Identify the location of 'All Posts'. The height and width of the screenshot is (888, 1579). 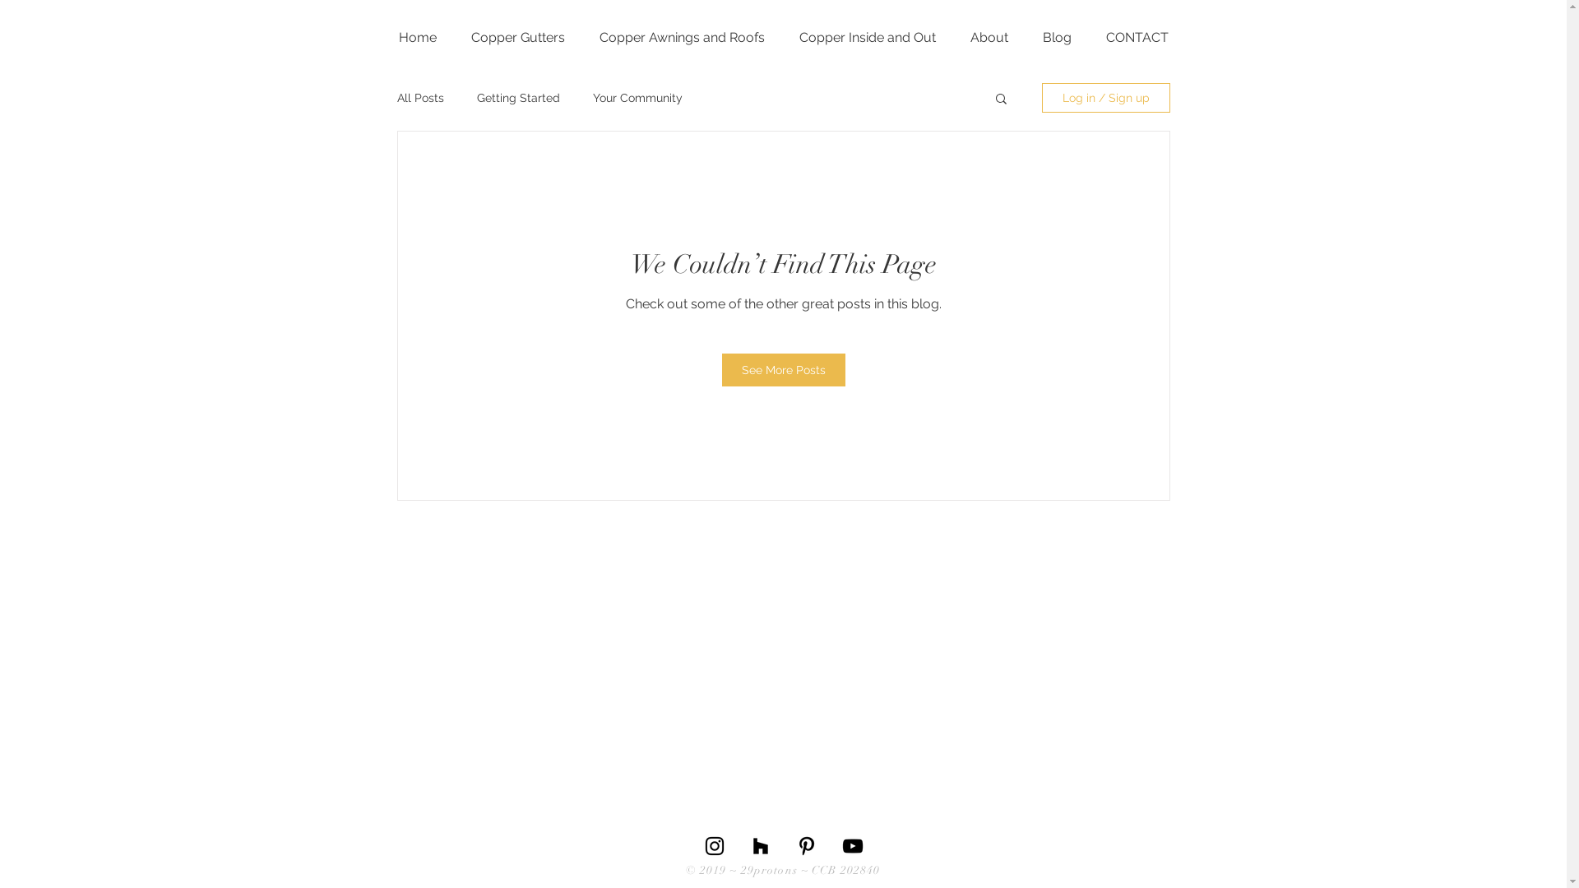
(419, 98).